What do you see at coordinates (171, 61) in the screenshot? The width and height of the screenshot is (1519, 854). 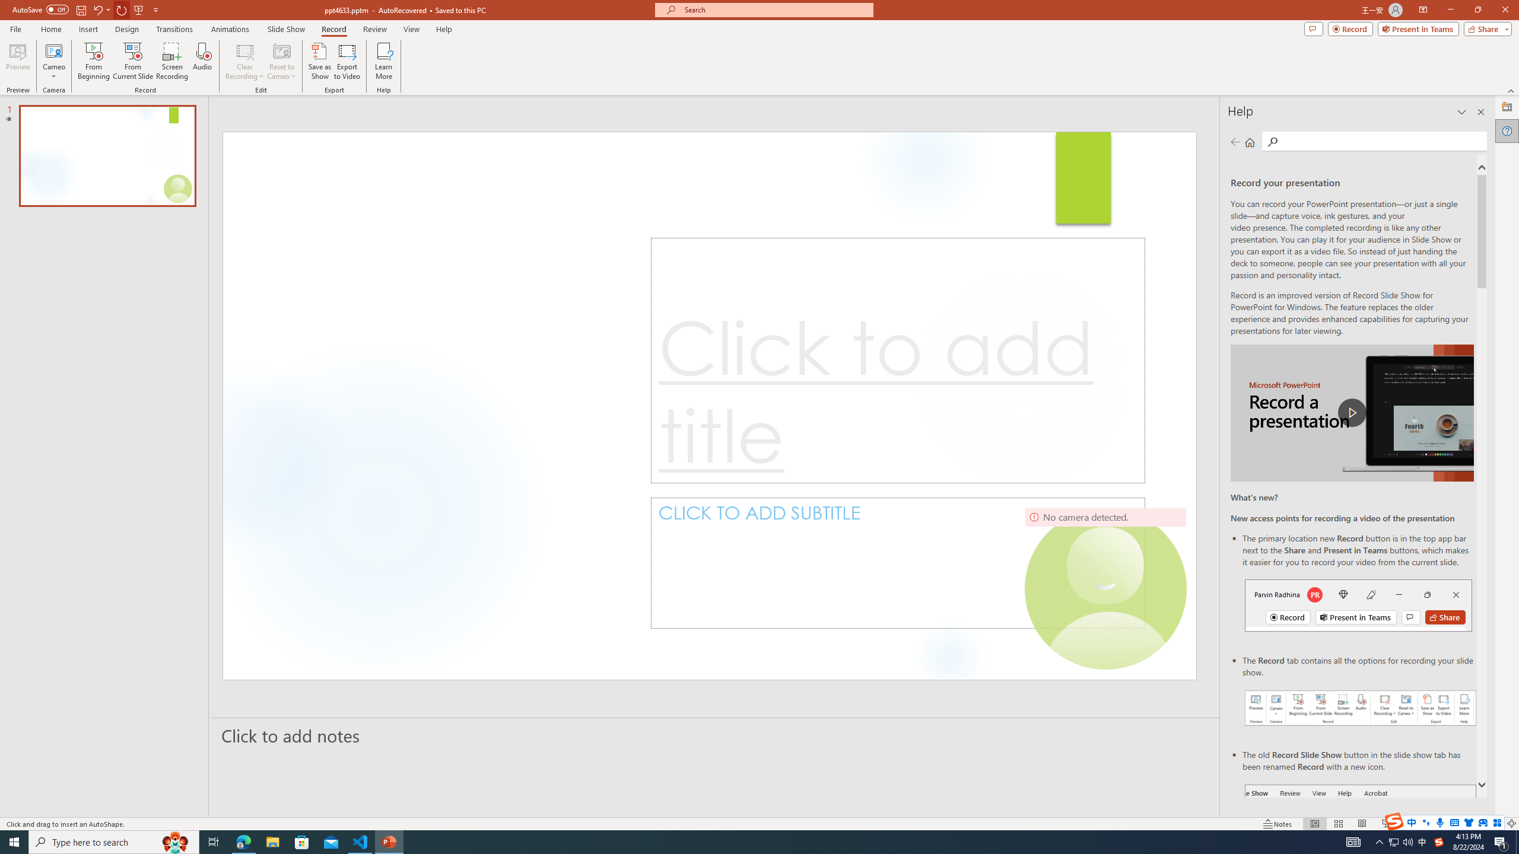 I see `'Screen Recording'` at bounding box center [171, 61].